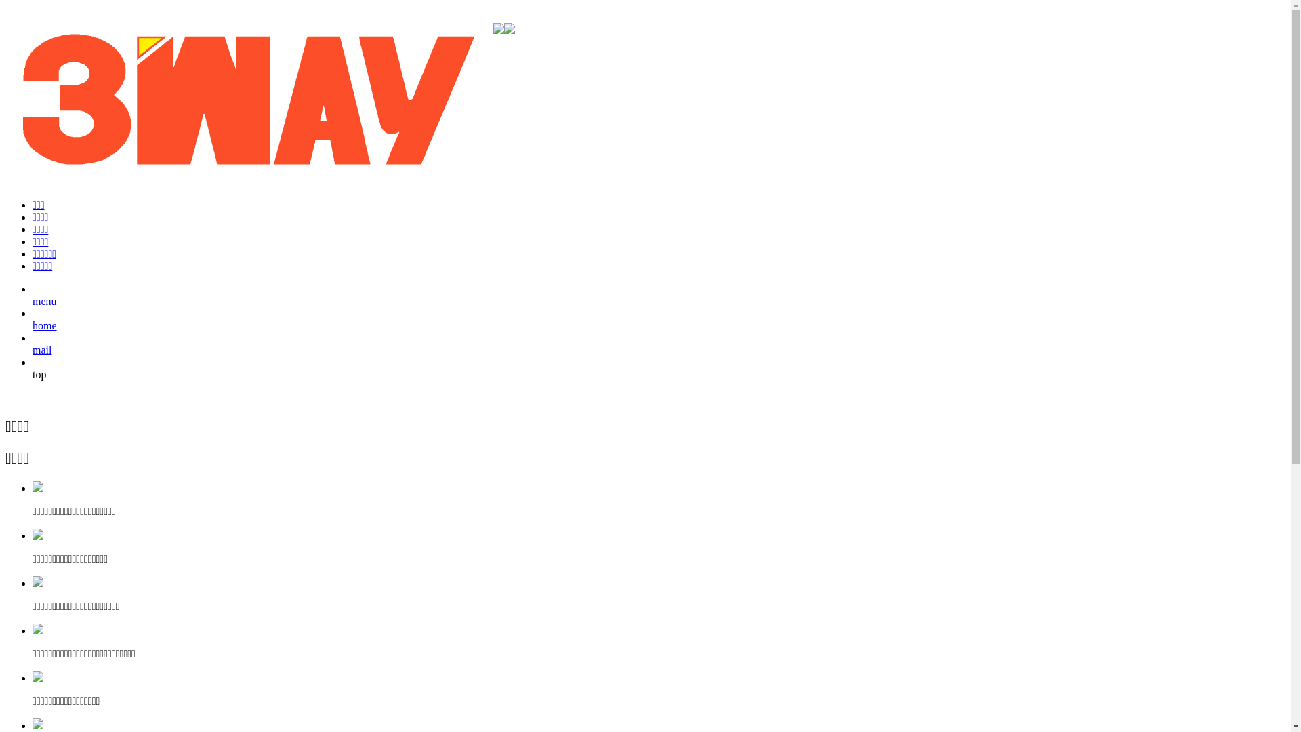  Describe the element at coordinates (33, 307) in the screenshot. I see `'menu'` at that location.